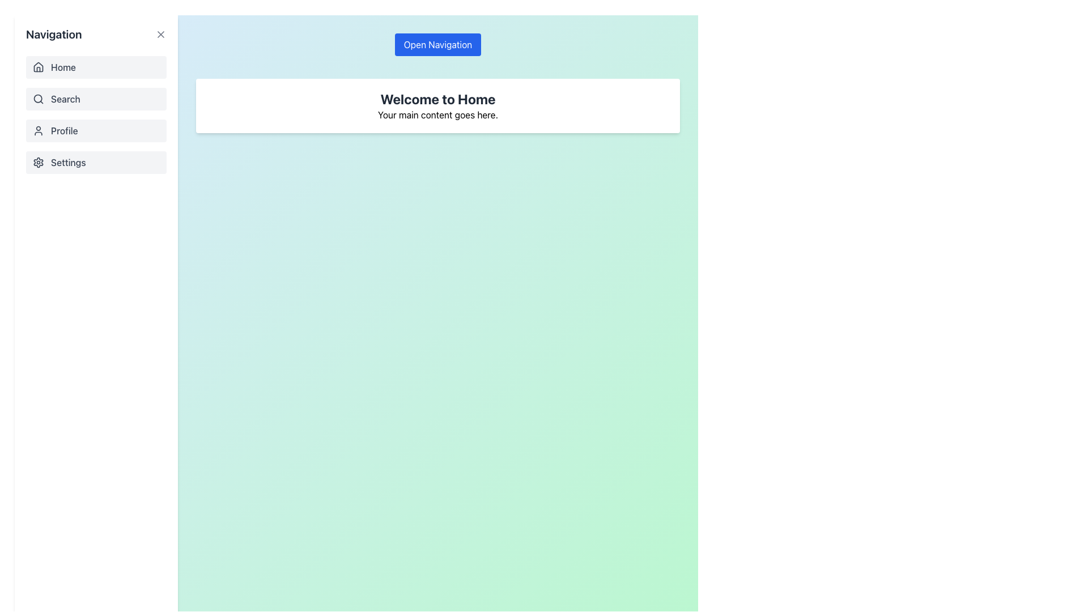 The width and height of the screenshot is (1088, 612). I want to click on the 'Search' button in the navigation menu, so click(96, 98).